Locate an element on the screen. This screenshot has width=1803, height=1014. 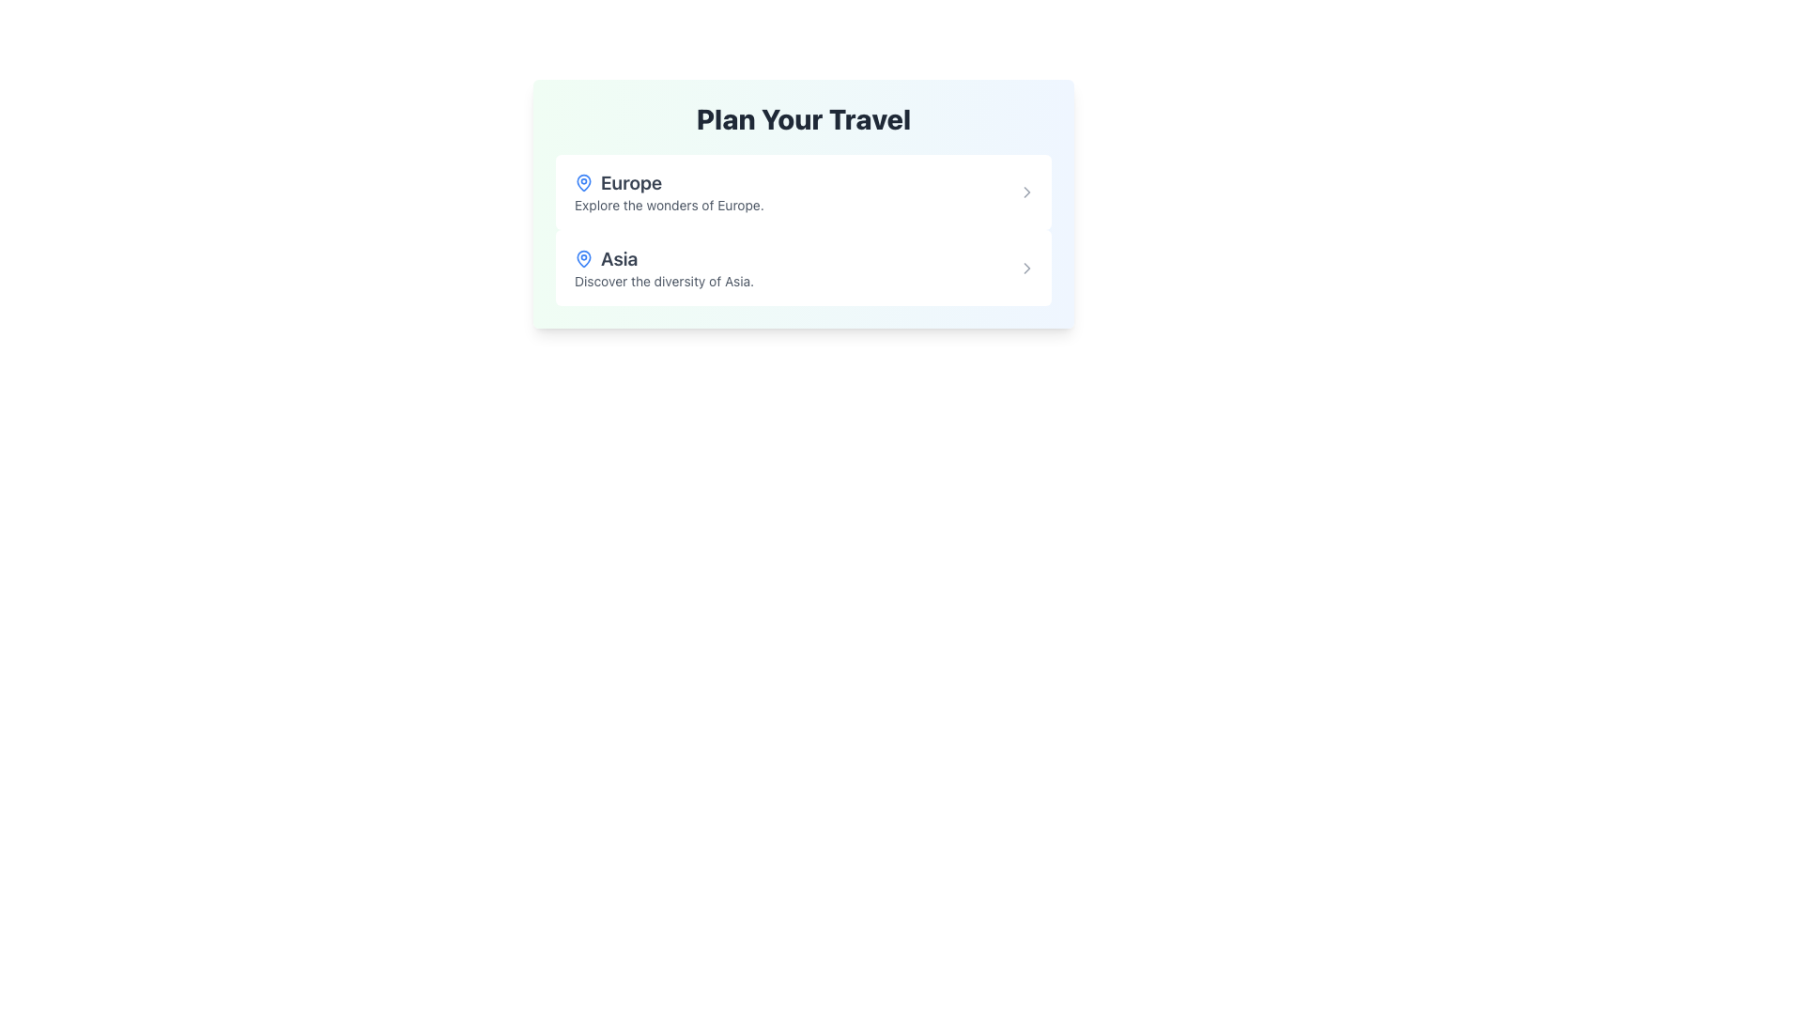
the descriptive text block located beneath the 'Europe' title, which provides brief information about the topic 'Europe' is located at coordinates (669, 206).